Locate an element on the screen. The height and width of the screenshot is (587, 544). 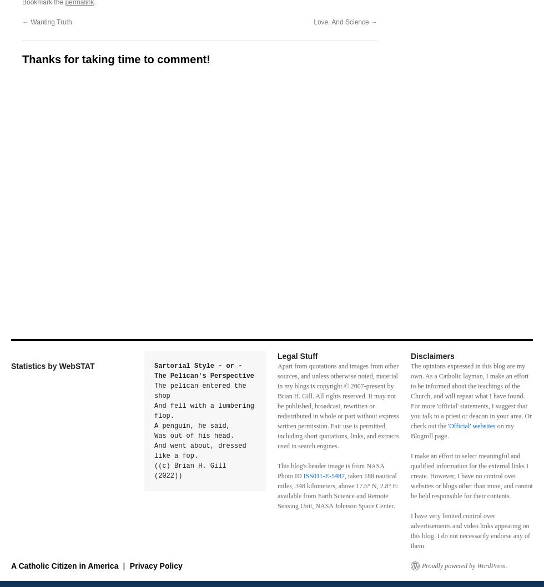
'I make an effort to select meaningful and qualified information for the external links I create. However, I have no control over websites or blogs other than mine, and cannot be held responsible for their contents.' is located at coordinates (471, 475).